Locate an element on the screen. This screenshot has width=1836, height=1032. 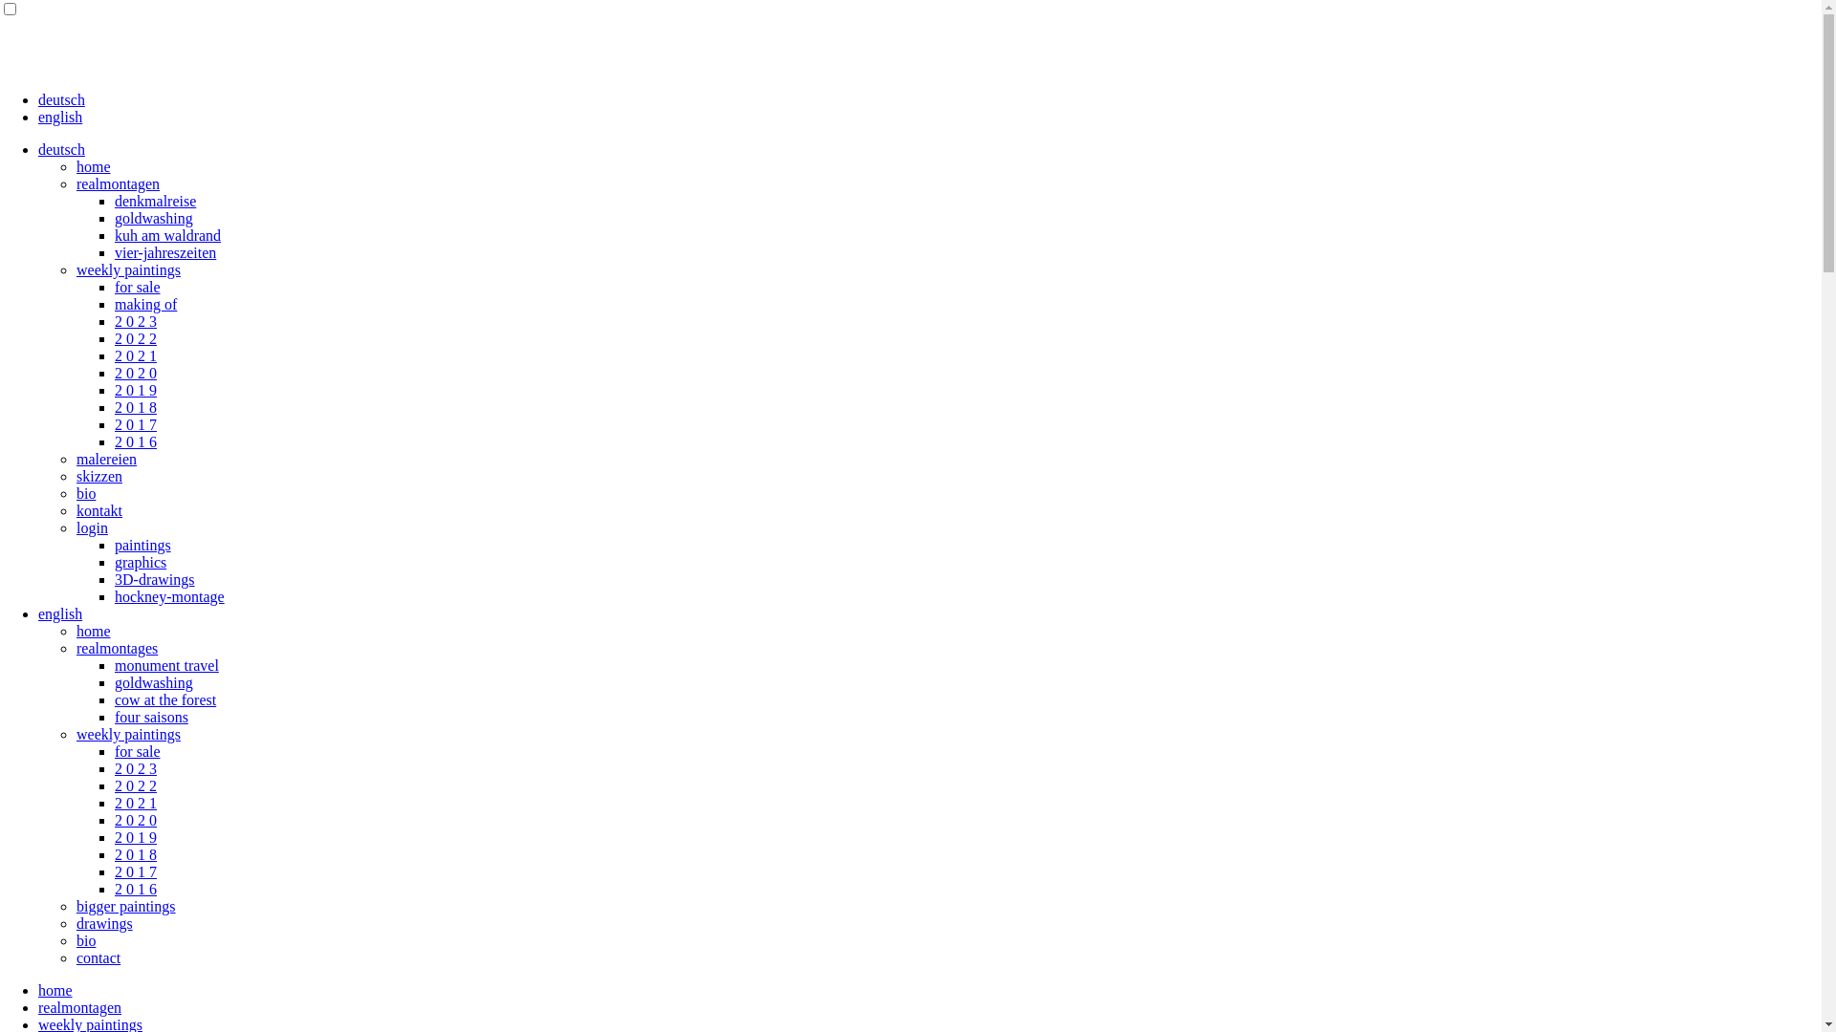
'deutsch' is located at coordinates (61, 148).